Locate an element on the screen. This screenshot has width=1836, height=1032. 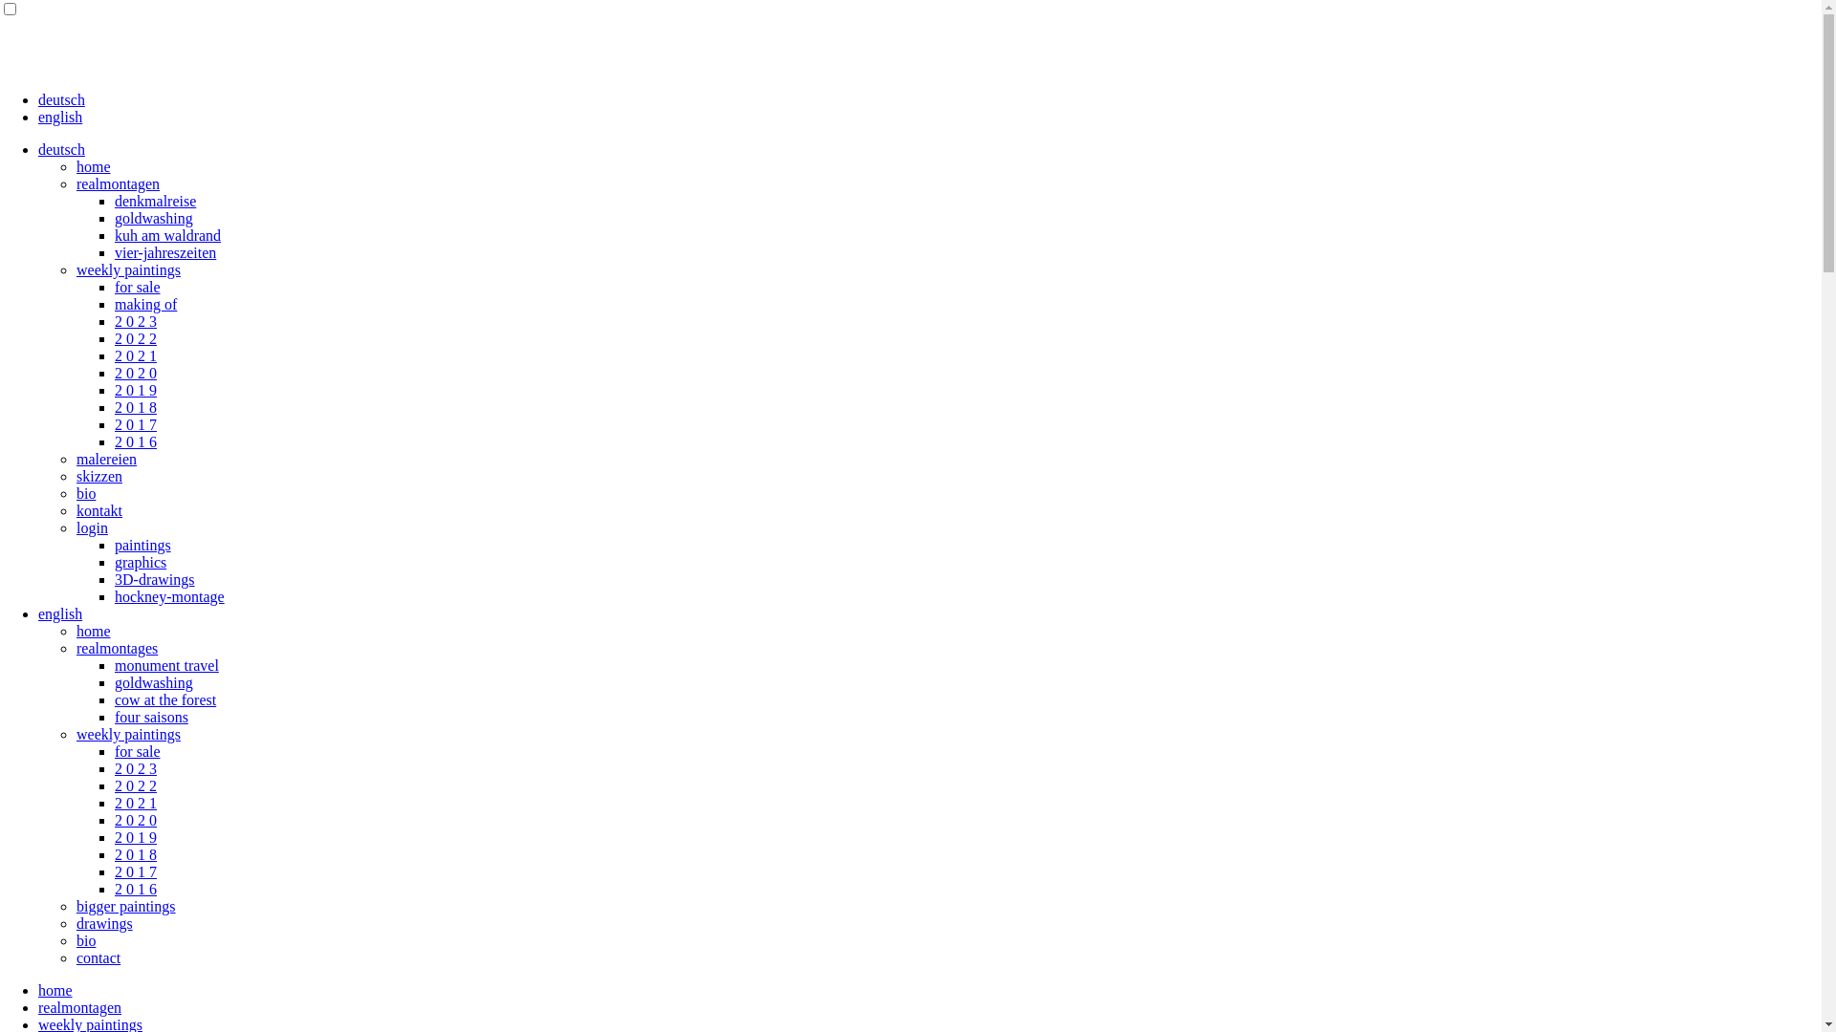
'deutsch' is located at coordinates (61, 148).